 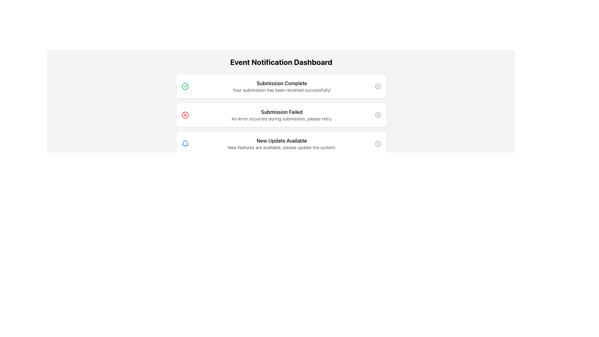 I want to click on the interactive elements within the Notification Card, which is the third item in the list of notification cards, located at the bottom of the stack, so click(x=281, y=144).